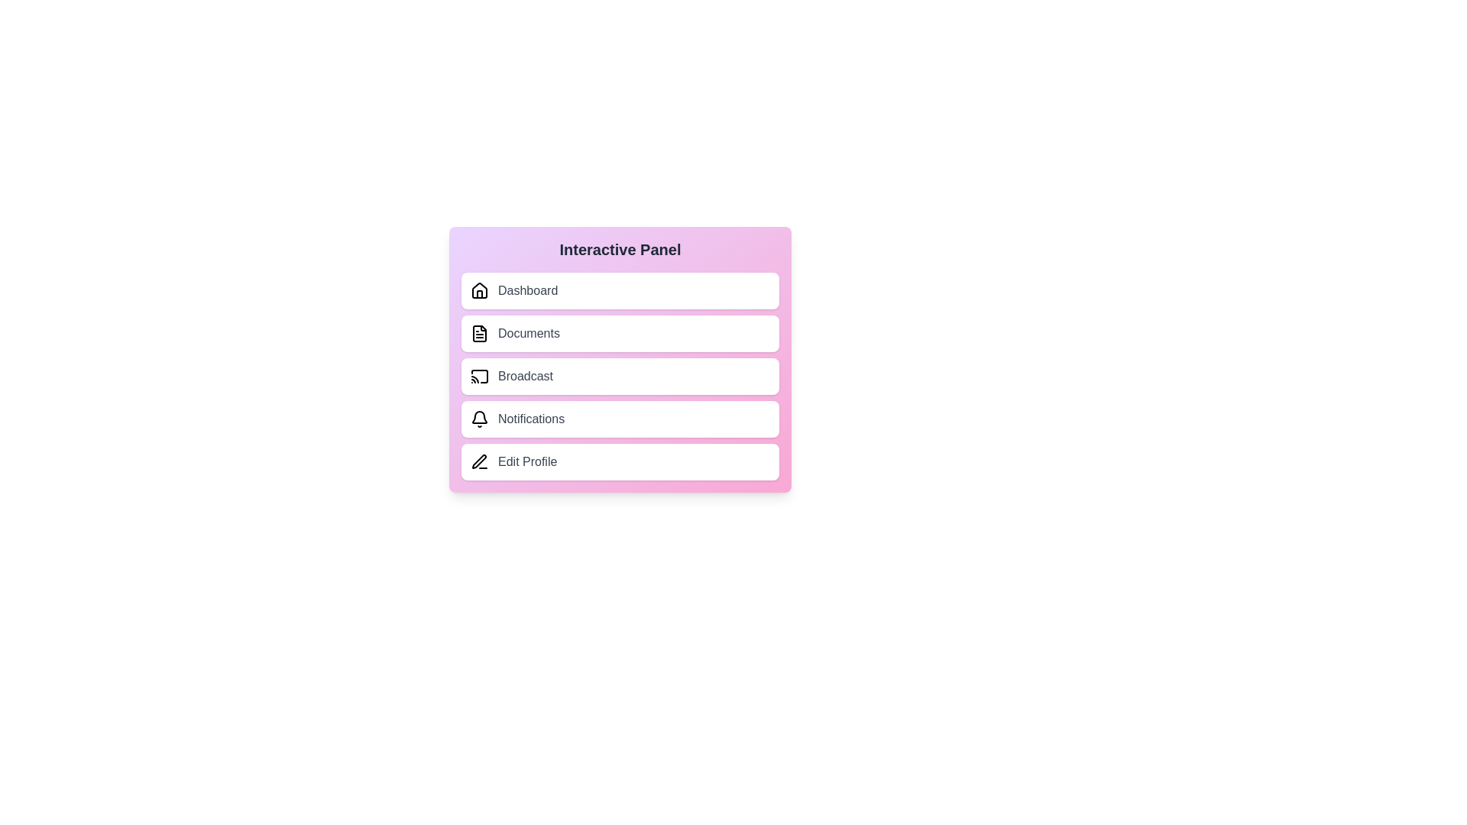 Image resolution: width=1467 pixels, height=825 pixels. I want to click on the list item labeled Dashboard, so click(620, 291).